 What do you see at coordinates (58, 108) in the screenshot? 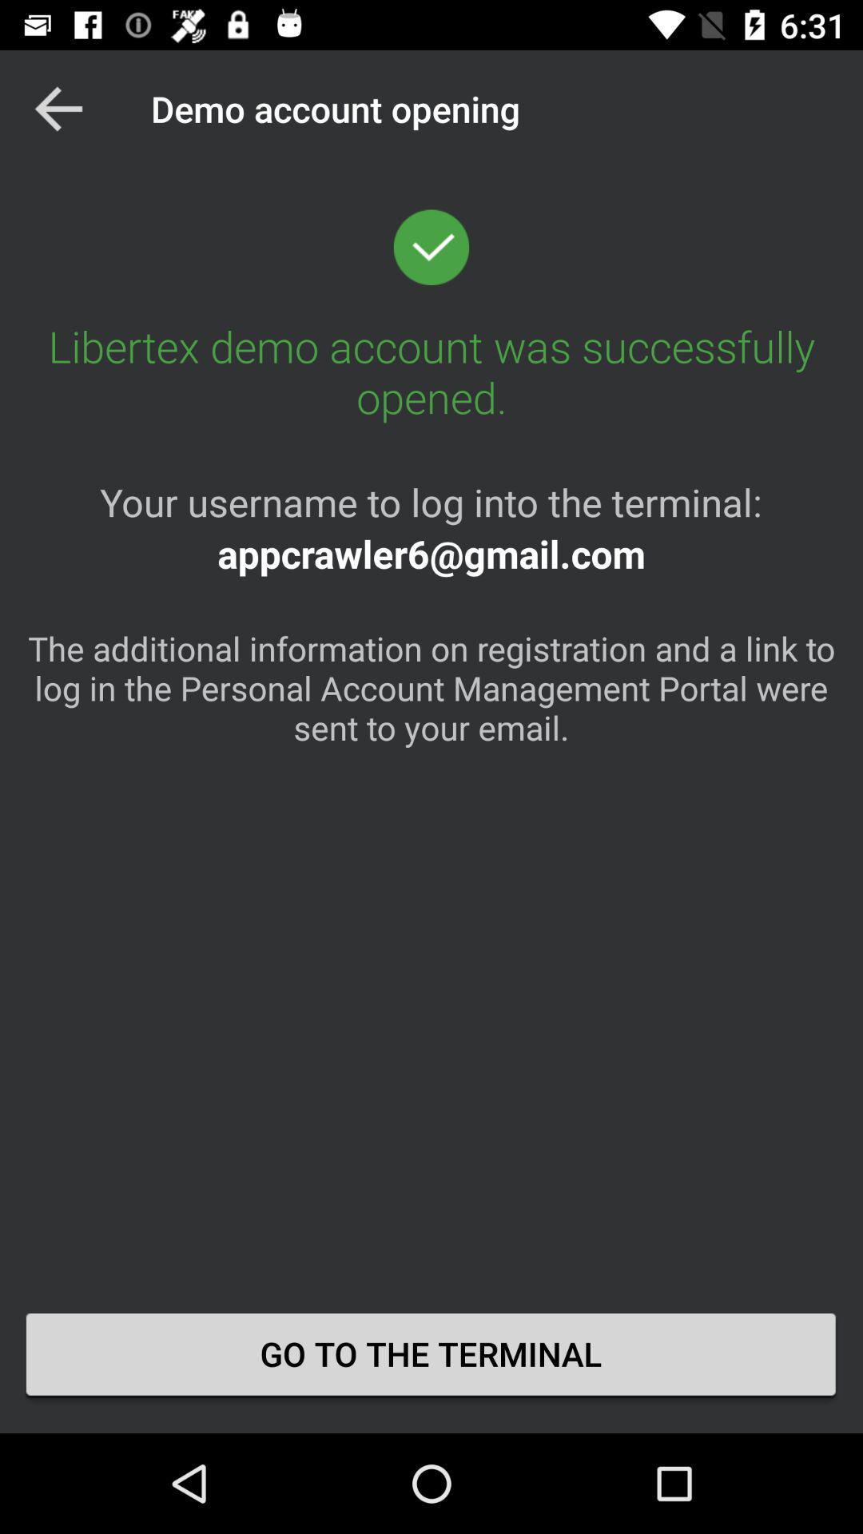
I see `the app to the left of the demo account opening app` at bounding box center [58, 108].